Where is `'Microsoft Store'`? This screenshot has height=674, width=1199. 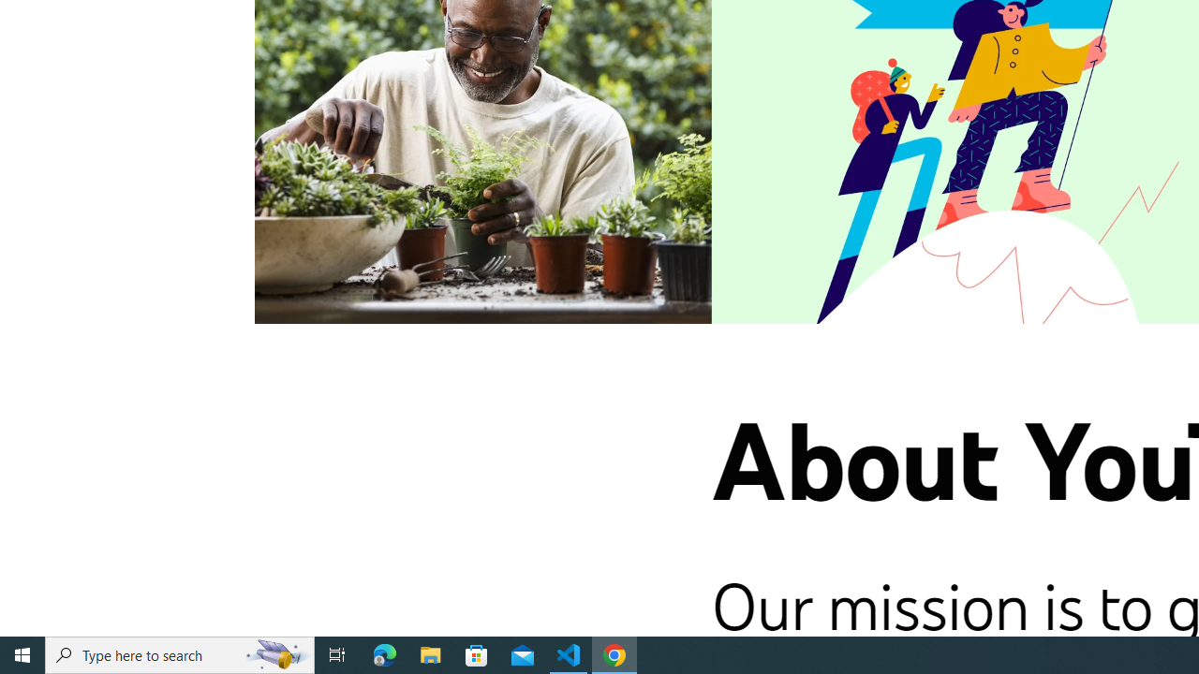
'Microsoft Store' is located at coordinates (477, 653).